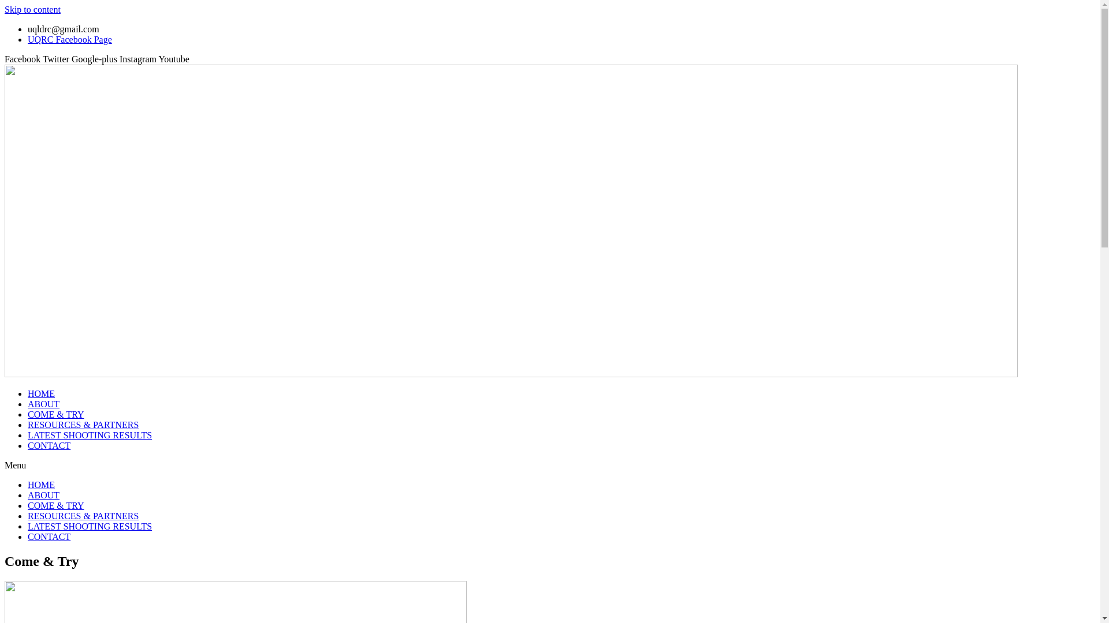  I want to click on 'Youtube', so click(173, 59).